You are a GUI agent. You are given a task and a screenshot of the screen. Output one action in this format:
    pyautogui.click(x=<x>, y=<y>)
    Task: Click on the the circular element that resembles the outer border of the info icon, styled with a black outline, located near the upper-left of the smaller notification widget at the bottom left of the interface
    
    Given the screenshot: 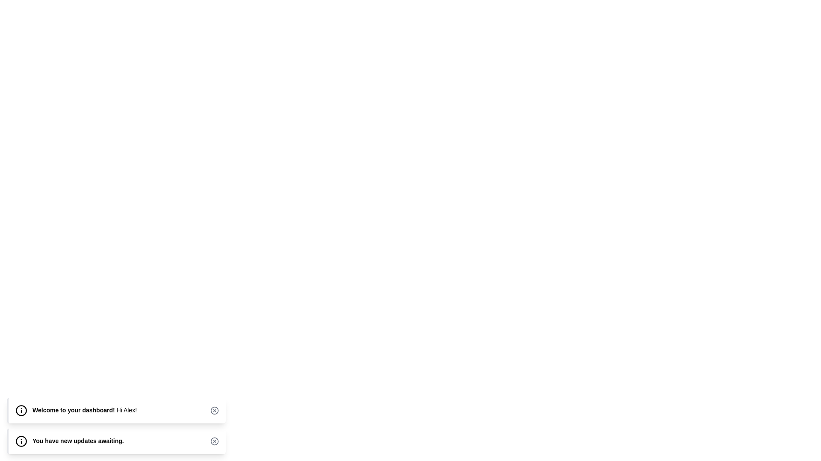 What is the action you would take?
    pyautogui.click(x=21, y=441)
    